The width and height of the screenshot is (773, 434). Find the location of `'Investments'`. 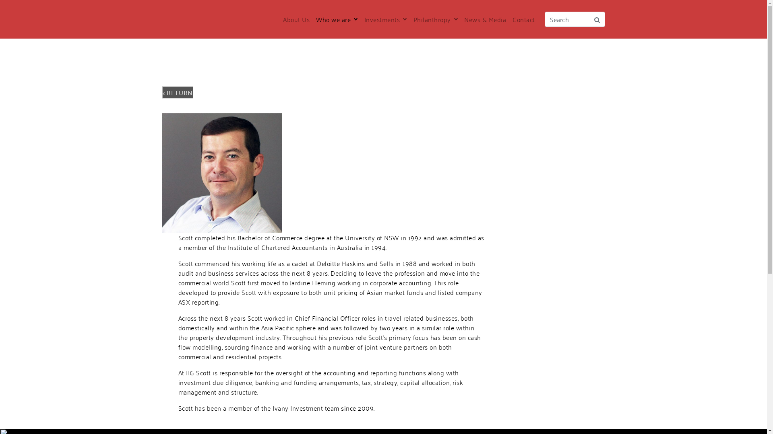

'Investments' is located at coordinates (384, 18).